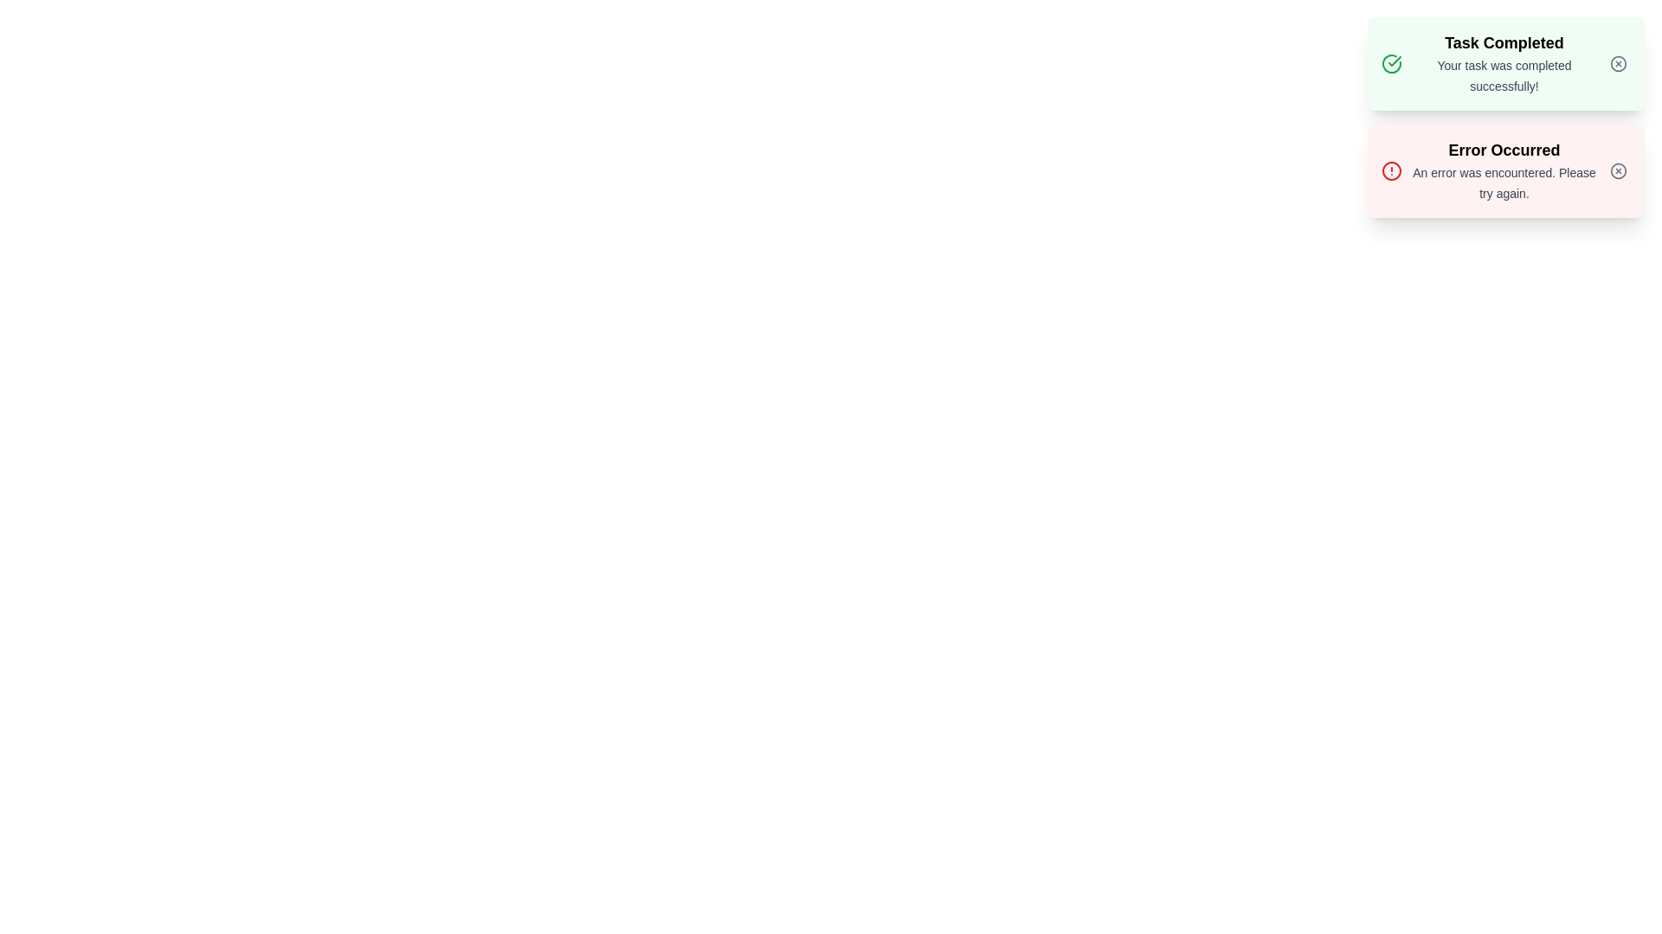 The width and height of the screenshot is (1662, 934). I want to click on the 'Task Completed' text display component which features a bold title and descriptive text within a light green background, indicating success, so click(1503, 62).